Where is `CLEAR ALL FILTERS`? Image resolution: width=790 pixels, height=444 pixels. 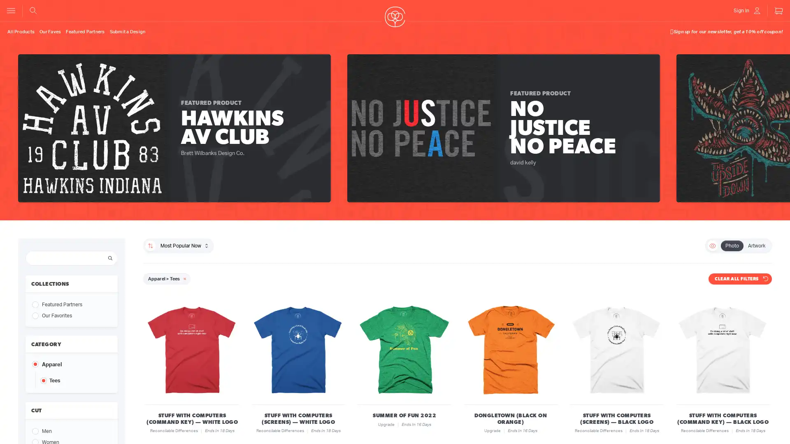
CLEAR ALL FILTERS is located at coordinates (740, 278).